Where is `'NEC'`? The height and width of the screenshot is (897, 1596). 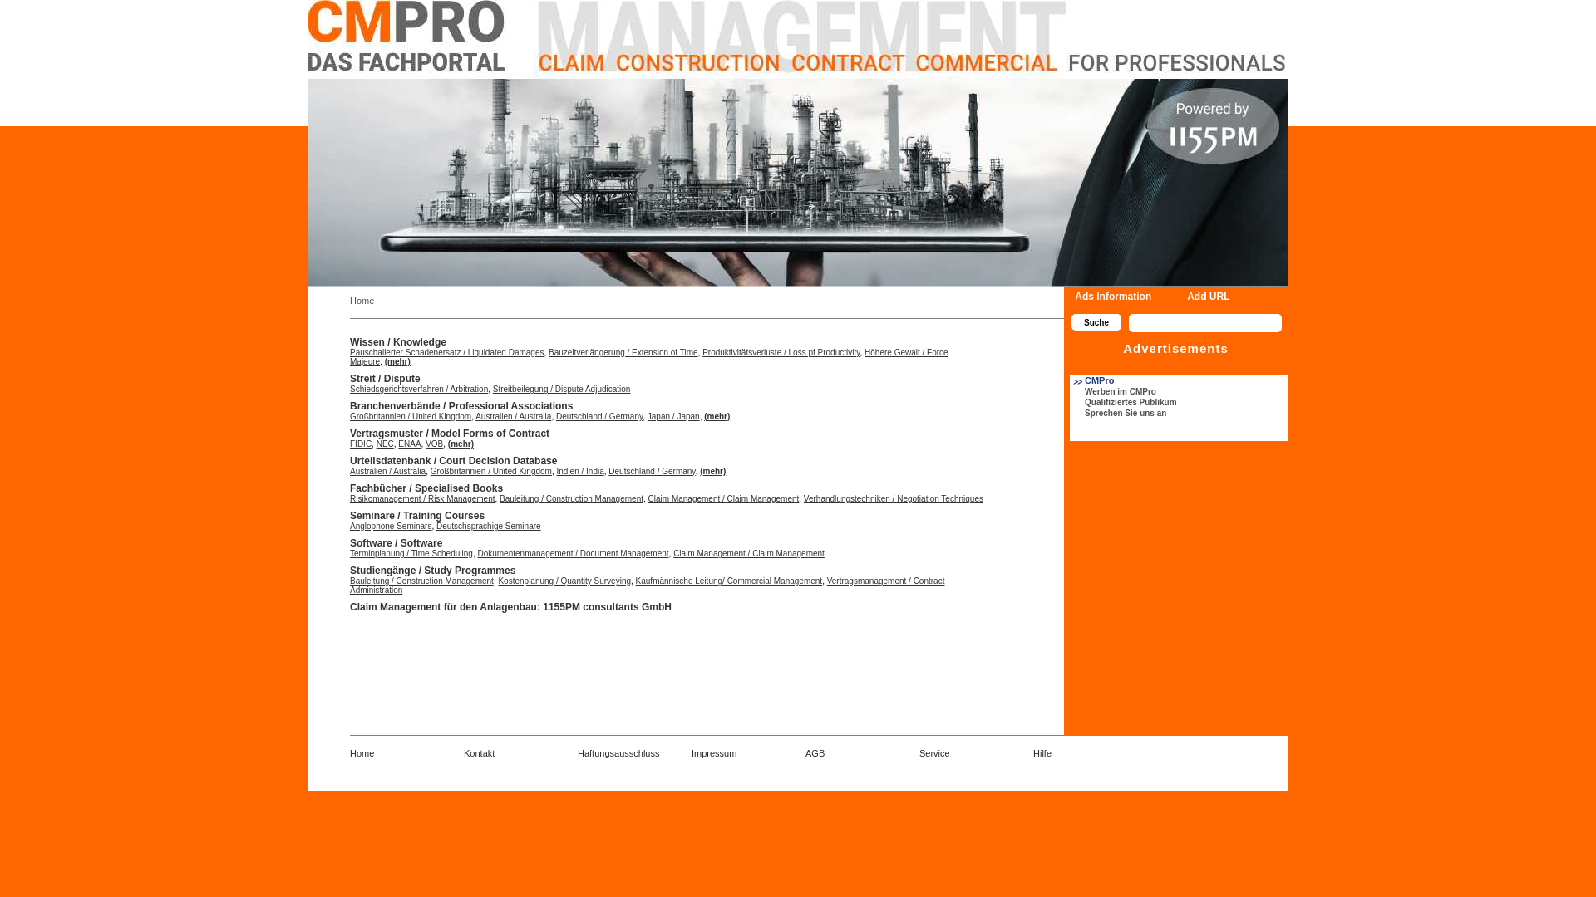 'NEC' is located at coordinates (384, 443).